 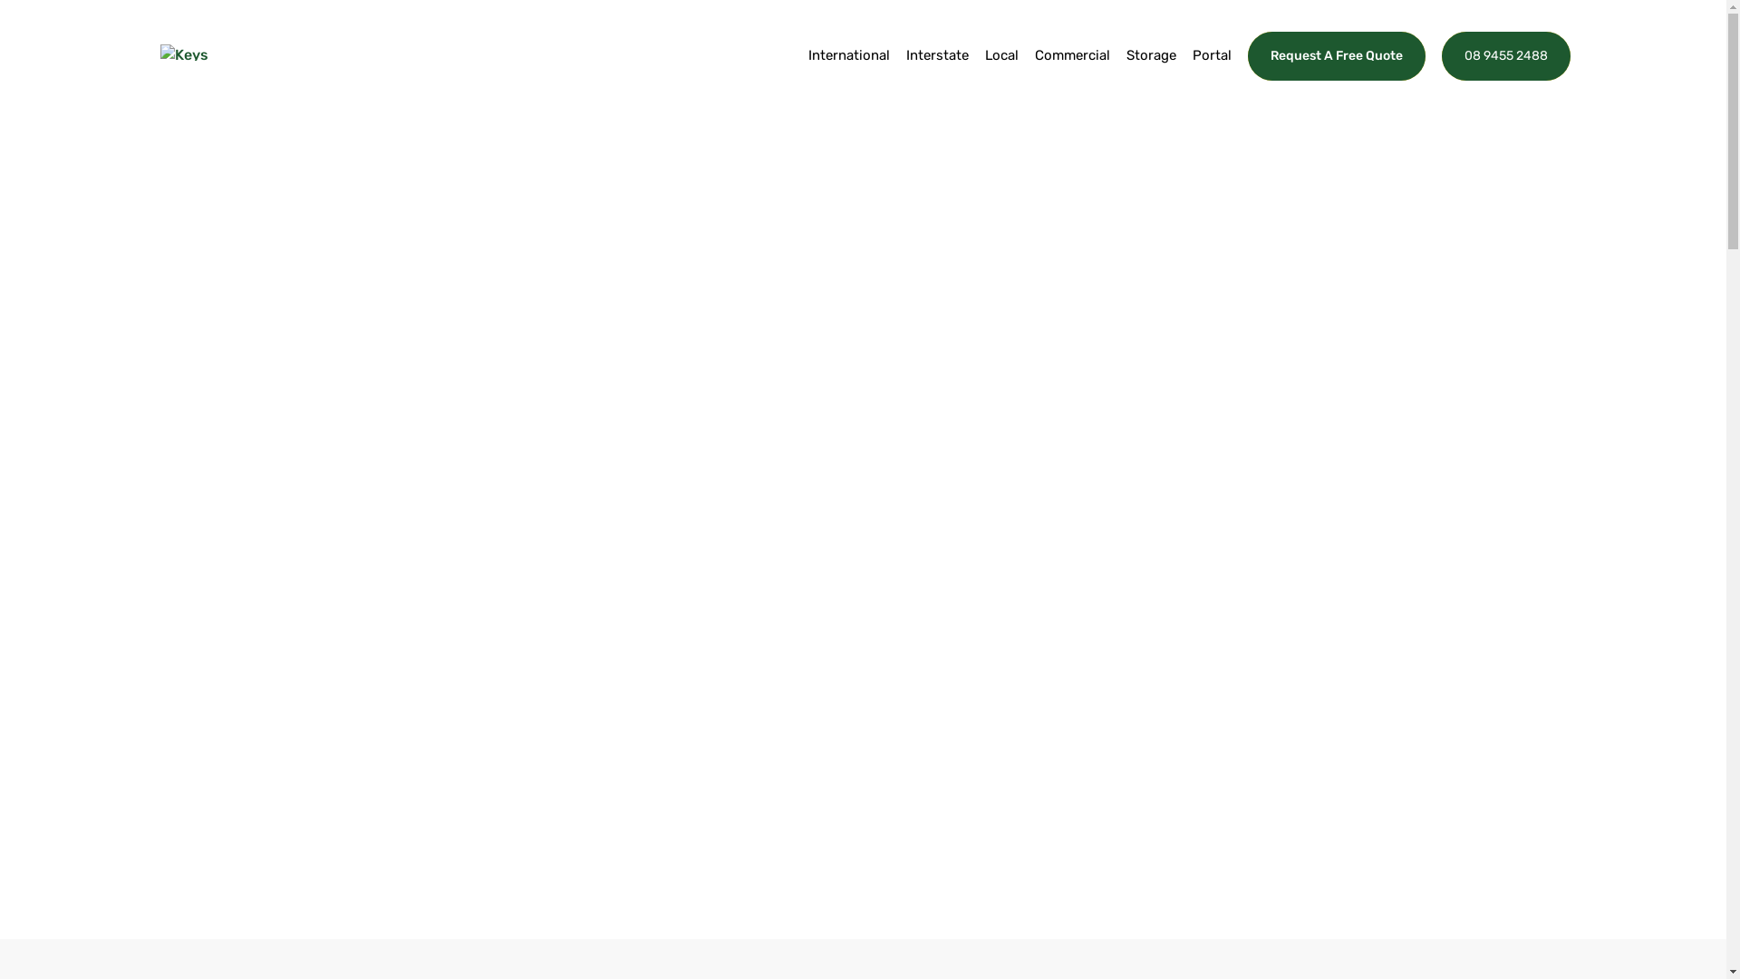 What do you see at coordinates (1035, 75) in the screenshot?
I see `'Commercial'` at bounding box center [1035, 75].